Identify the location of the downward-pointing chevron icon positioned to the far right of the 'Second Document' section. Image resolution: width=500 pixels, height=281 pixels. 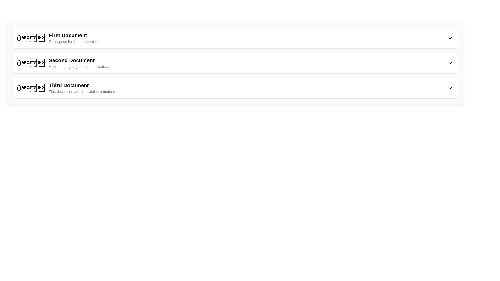
(450, 63).